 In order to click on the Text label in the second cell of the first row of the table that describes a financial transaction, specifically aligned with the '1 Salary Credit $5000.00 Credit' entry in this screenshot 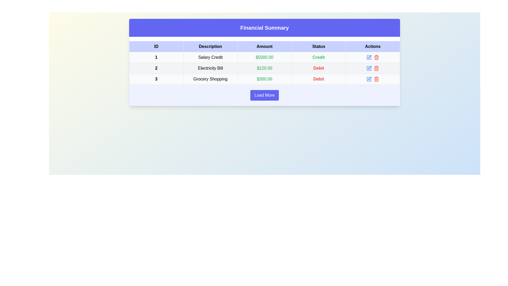, I will do `click(210, 57)`.